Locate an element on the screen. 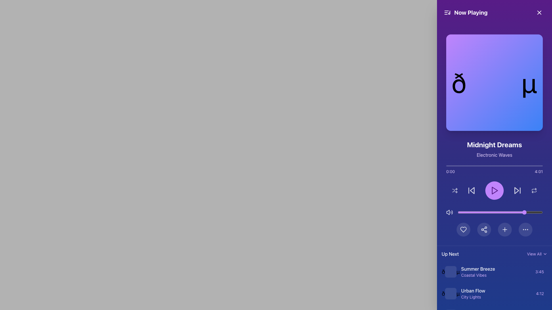  the shuffle icon button, which is the first icon on the control bar to the left of the play button is located at coordinates (455, 190).